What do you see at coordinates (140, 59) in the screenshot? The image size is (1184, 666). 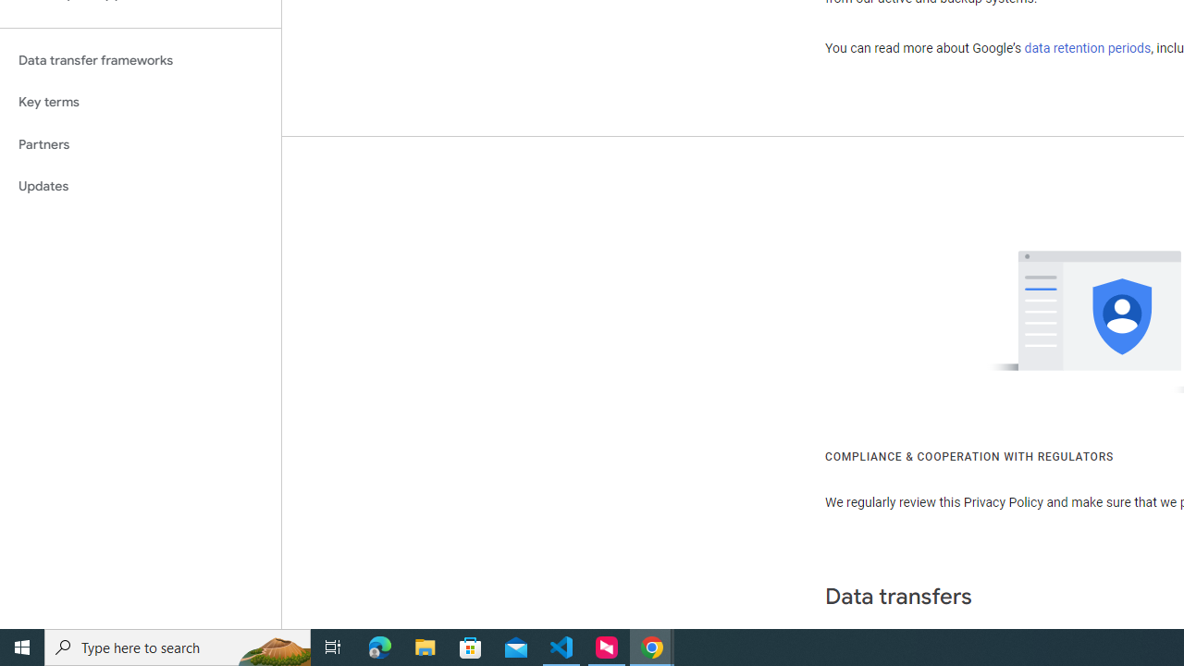 I see `'Data transfer frameworks'` at bounding box center [140, 59].